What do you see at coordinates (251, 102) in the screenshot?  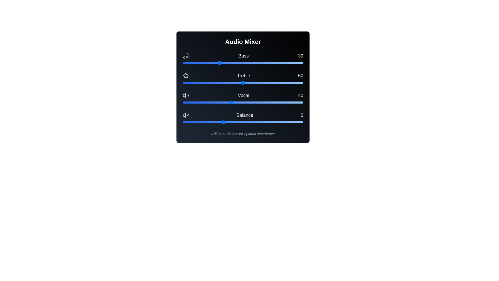 I see `the Vocal slider to set the vocal level to 57` at bounding box center [251, 102].